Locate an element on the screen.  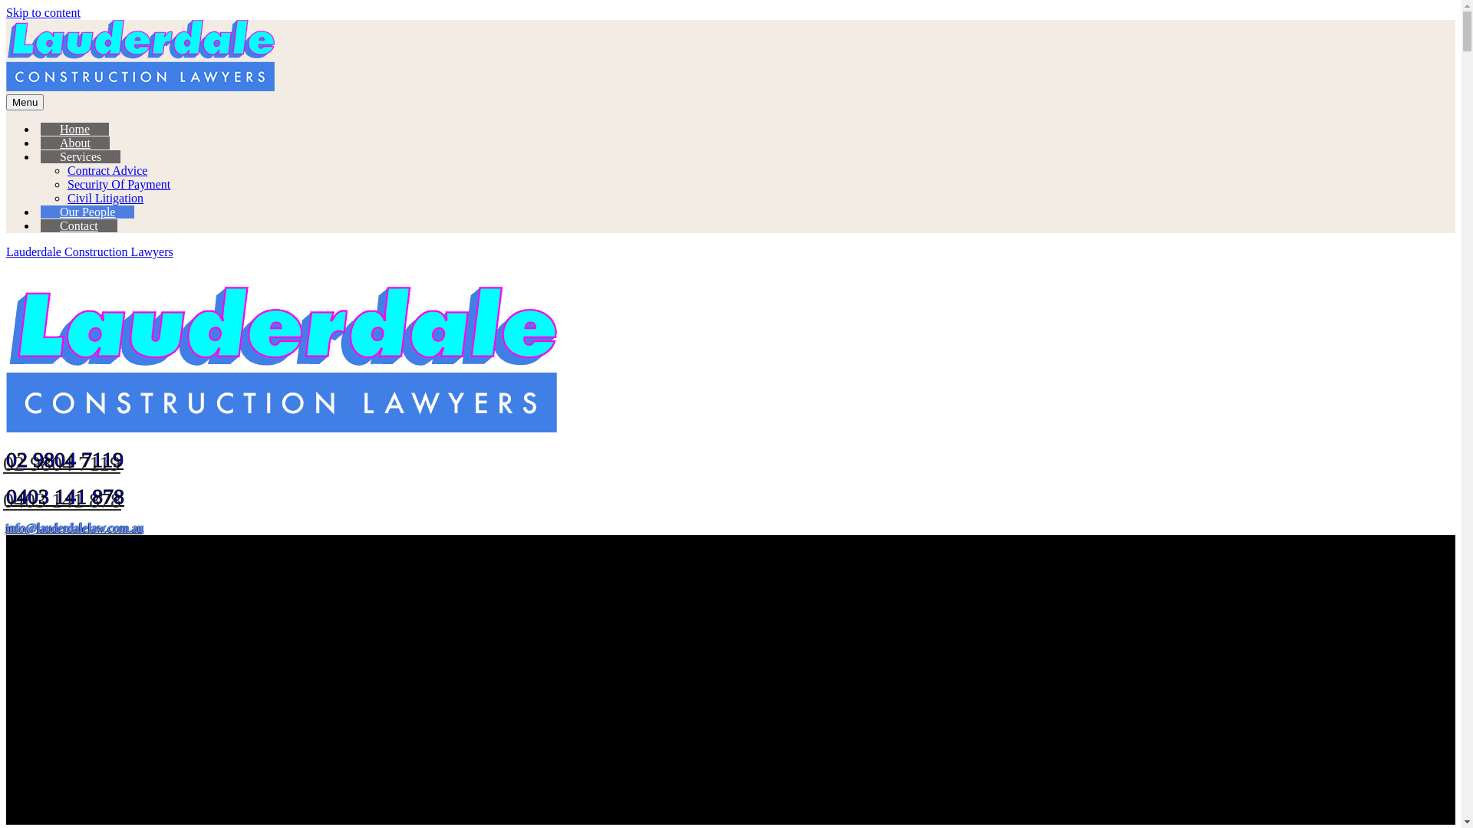
'Lauderdale Construction Lawyers' is located at coordinates (88, 251).